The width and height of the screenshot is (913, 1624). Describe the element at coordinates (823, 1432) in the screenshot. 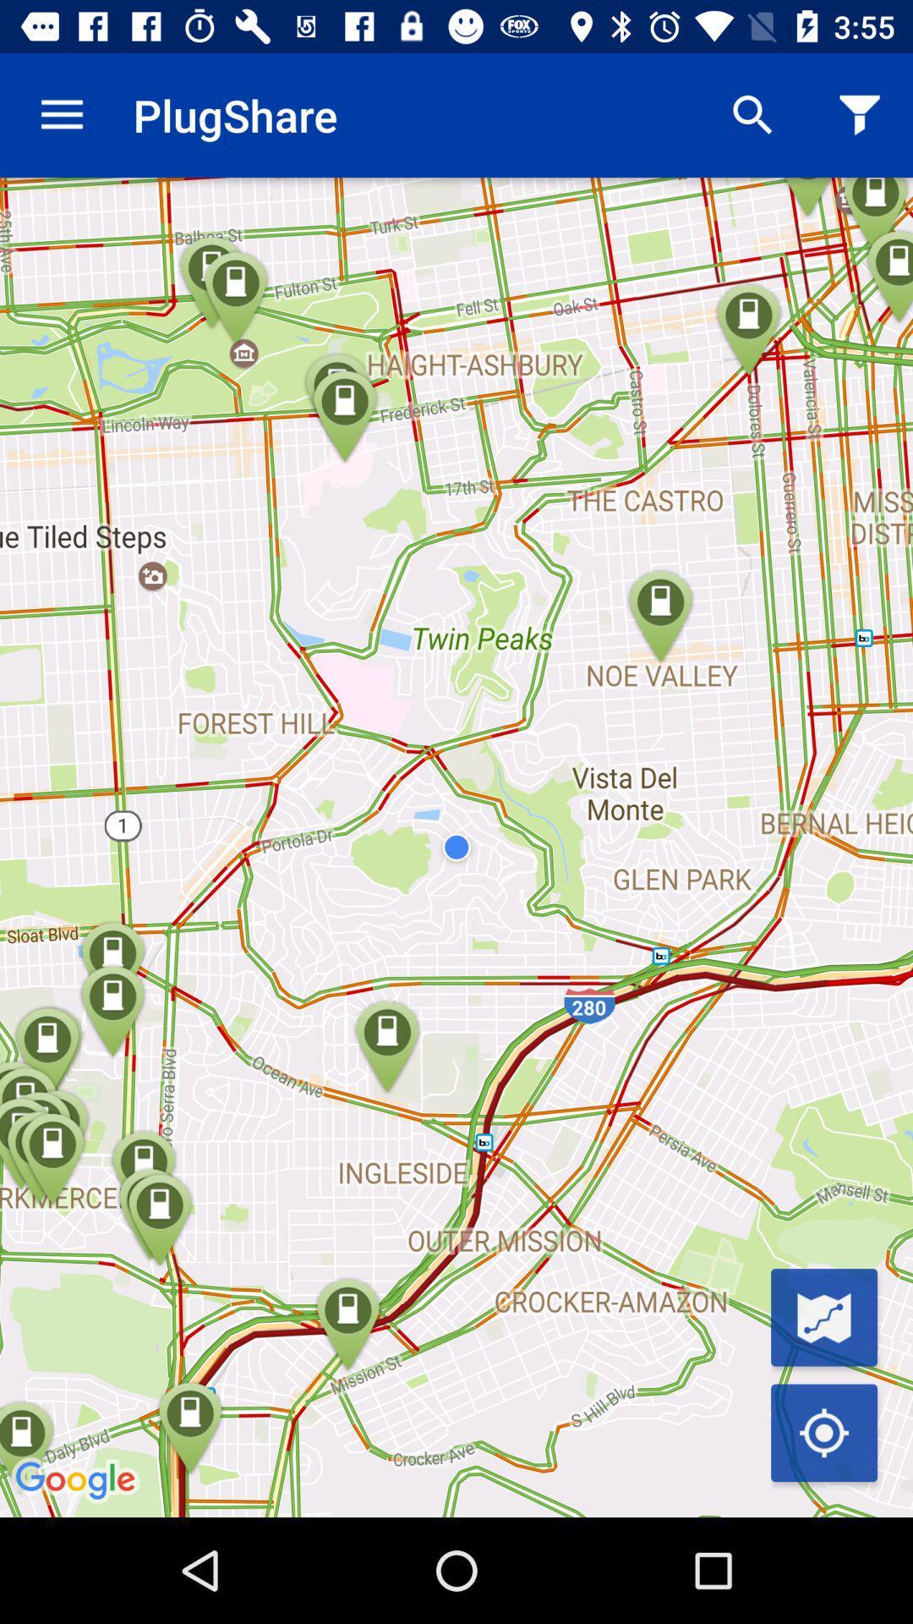

I see `current location` at that location.